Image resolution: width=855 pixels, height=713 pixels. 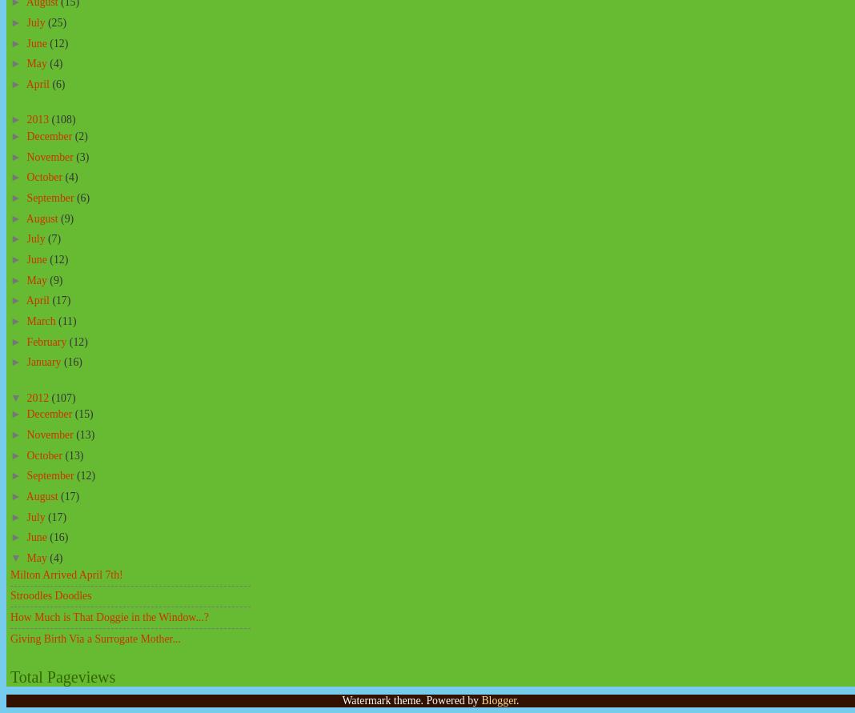 I want to click on 'Milton Arrived April 7th!', so click(x=10, y=574).